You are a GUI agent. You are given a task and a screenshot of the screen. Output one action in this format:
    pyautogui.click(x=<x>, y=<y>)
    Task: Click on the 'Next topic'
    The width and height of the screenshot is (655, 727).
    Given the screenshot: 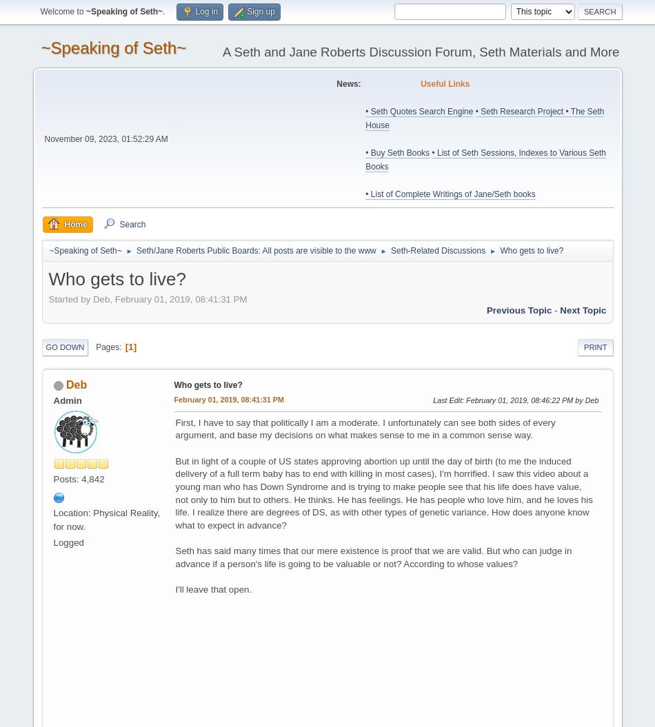 What is the action you would take?
    pyautogui.click(x=582, y=309)
    